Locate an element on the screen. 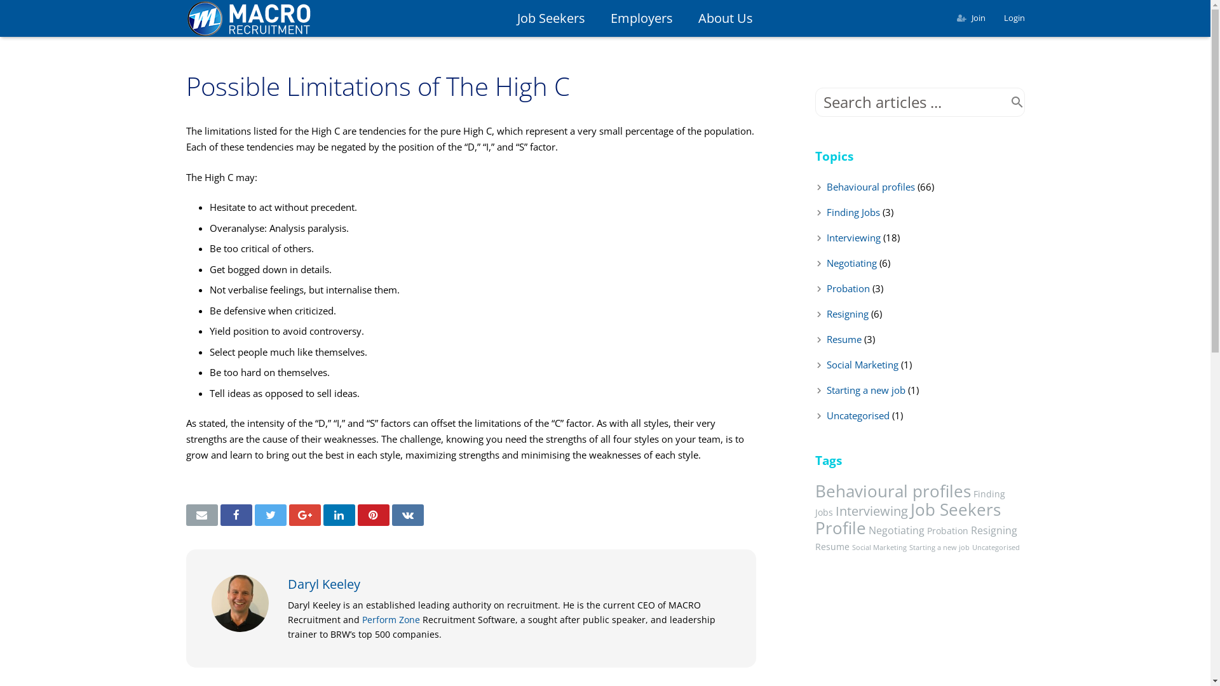 Image resolution: width=1220 pixels, height=686 pixels. 'Probation' is located at coordinates (848, 288).